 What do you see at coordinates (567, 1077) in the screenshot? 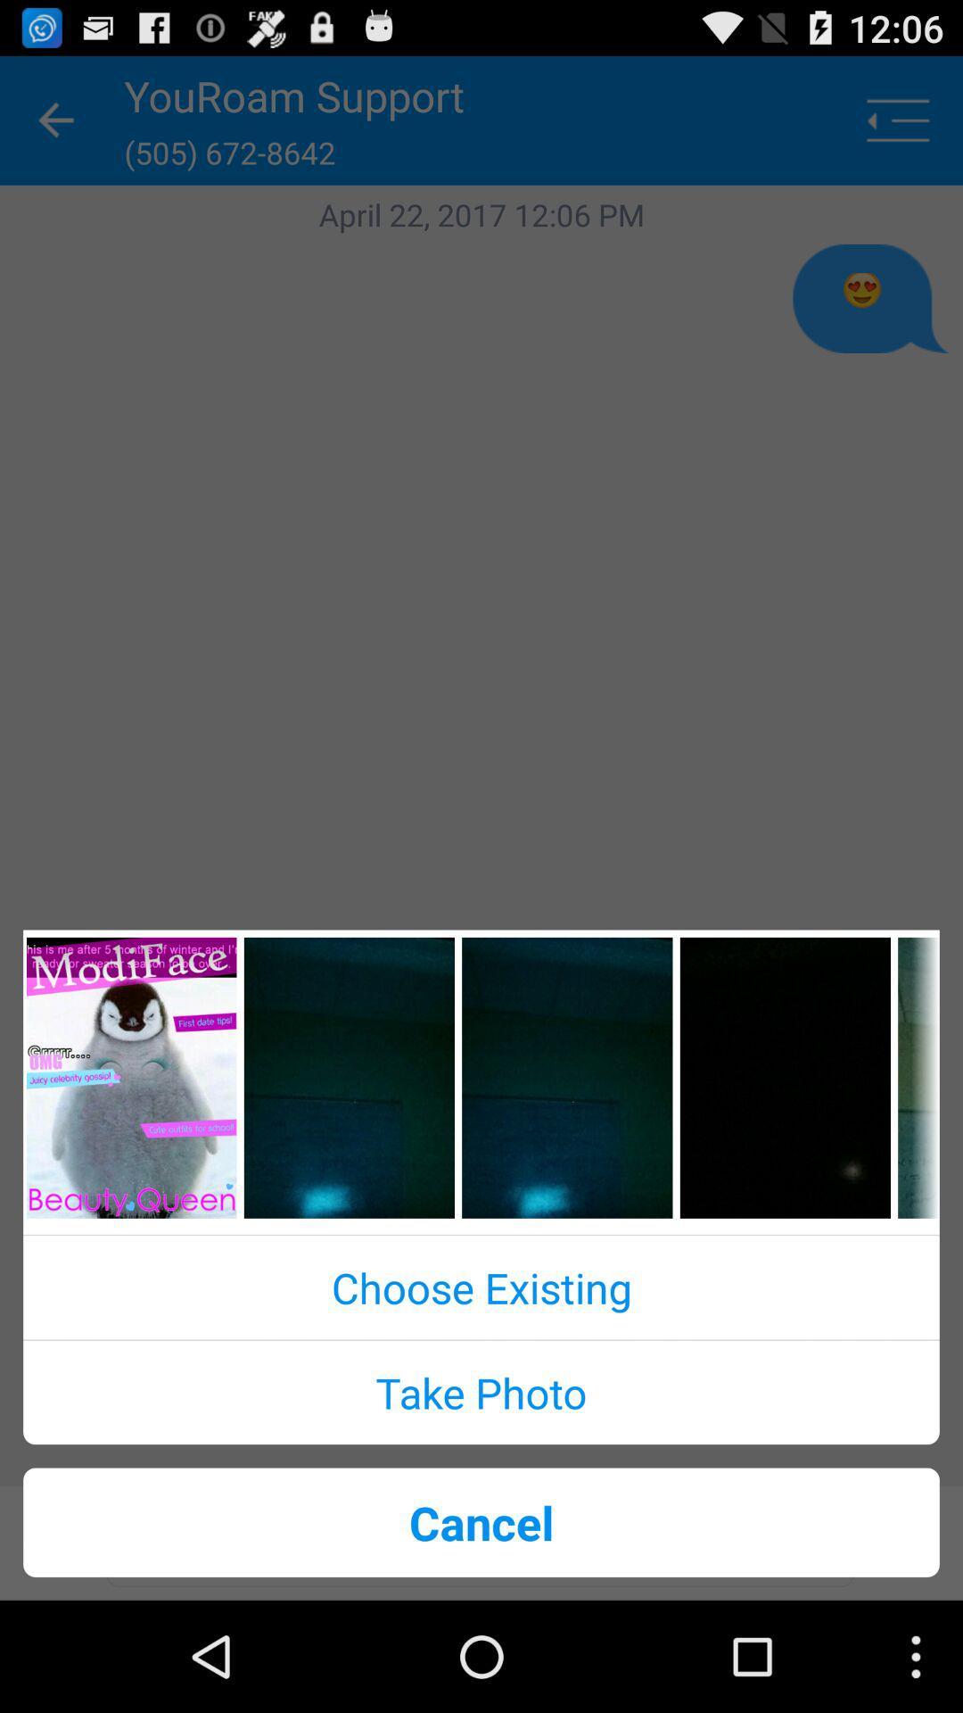
I see `an image from the image slider` at bounding box center [567, 1077].